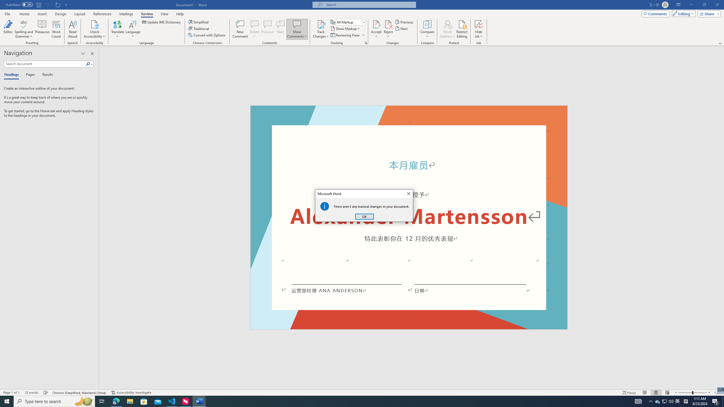 The height and width of the screenshot is (407, 724). Describe the element at coordinates (324, 206) in the screenshot. I see `'Class: Static'` at that location.